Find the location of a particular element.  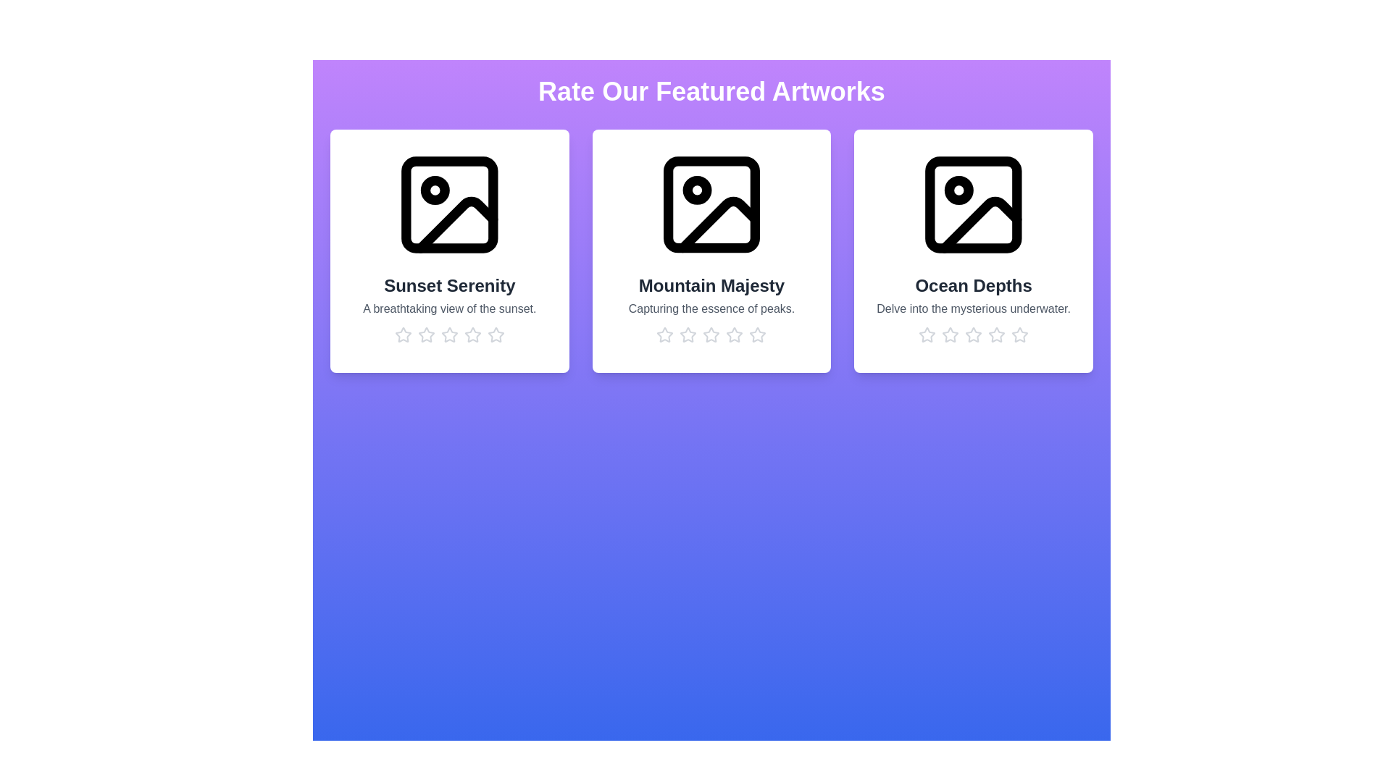

the rating for the artwork 'Ocean Depths' to 4 stars is located at coordinates (996, 335).